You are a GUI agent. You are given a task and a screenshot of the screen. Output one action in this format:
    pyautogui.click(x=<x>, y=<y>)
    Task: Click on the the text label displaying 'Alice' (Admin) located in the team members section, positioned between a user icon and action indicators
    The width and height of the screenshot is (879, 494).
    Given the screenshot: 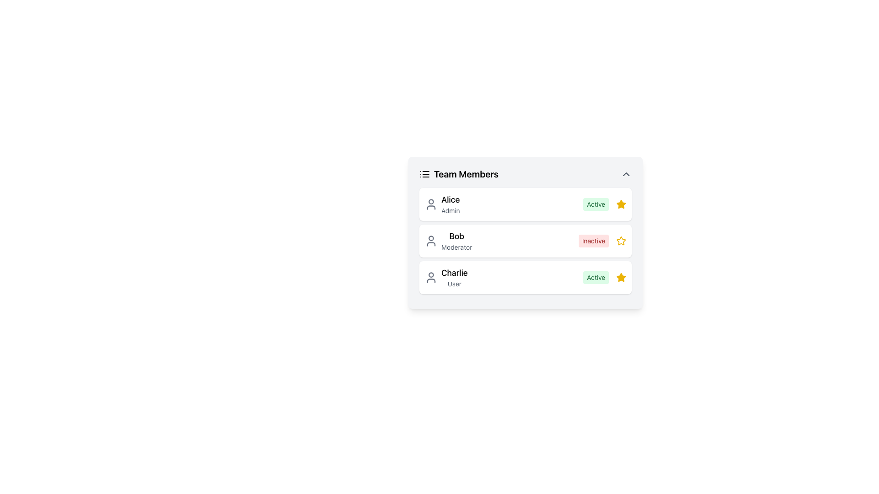 What is the action you would take?
    pyautogui.click(x=450, y=204)
    